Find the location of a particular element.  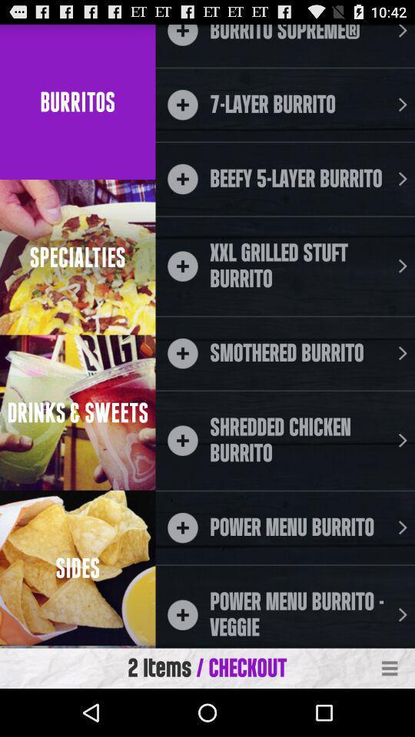

the add button beside the 7 layer burrito text is located at coordinates (182, 104).